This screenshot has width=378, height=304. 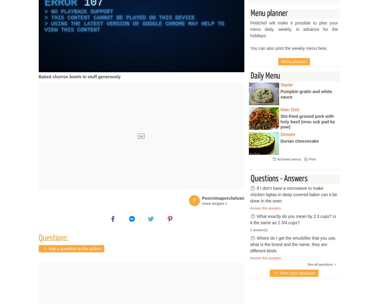 What do you see at coordinates (299, 141) in the screenshot?
I see `'Durian cheesecake'` at bounding box center [299, 141].